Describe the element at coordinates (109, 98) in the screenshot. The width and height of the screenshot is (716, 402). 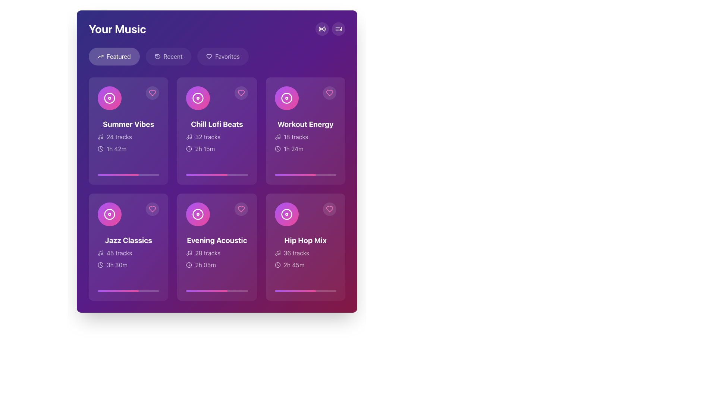
I see `the decorative icon for the 'Summer Vibes' music card located at the top-left corner of the card` at that location.